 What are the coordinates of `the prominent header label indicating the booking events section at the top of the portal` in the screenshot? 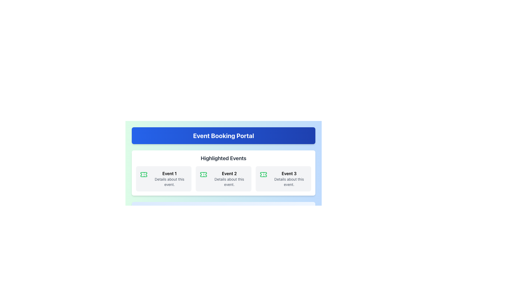 It's located at (223, 135).